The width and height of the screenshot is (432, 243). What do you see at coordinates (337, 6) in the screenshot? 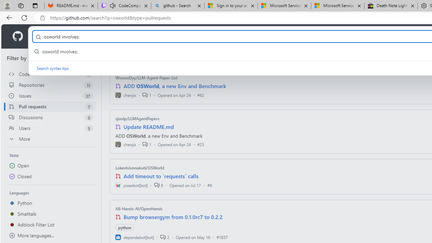
I see `'Microsoft Services Agreement'` at bounding box center [337, 6].